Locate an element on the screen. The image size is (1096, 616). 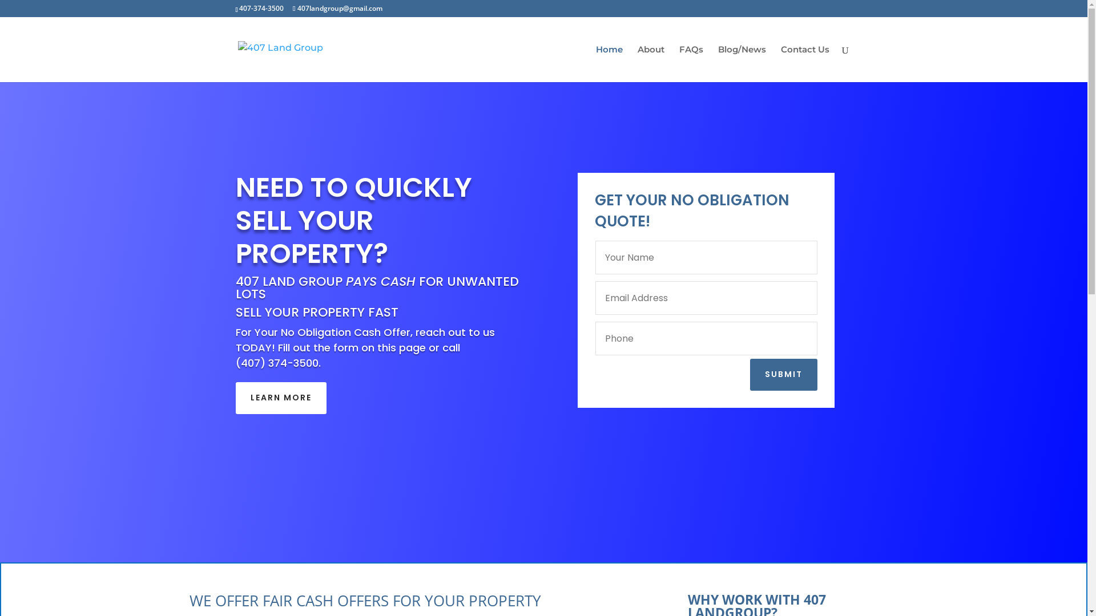
'SUBMIT' is located at coordinates (783, 374).